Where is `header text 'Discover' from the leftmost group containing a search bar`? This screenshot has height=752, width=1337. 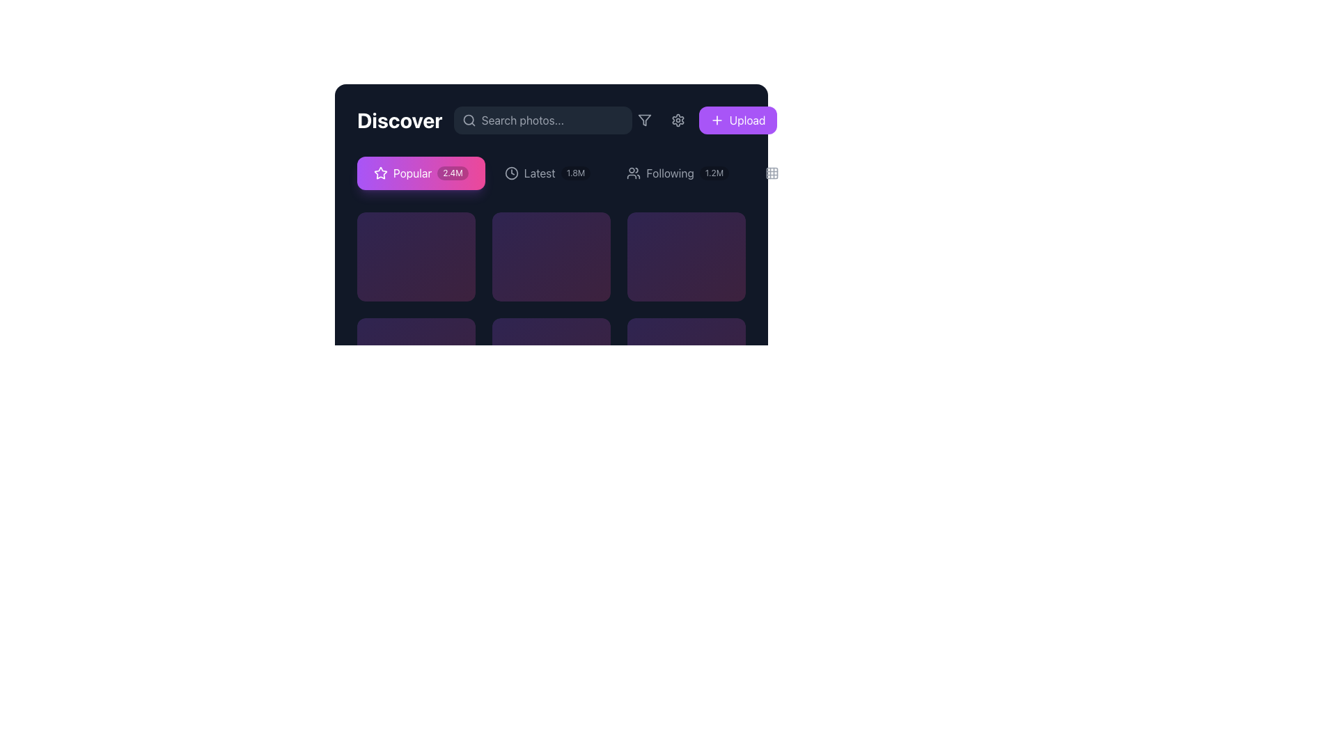 header text 'Discover' from the leftmost group containing a search bar is located at coordinates (494, 120).